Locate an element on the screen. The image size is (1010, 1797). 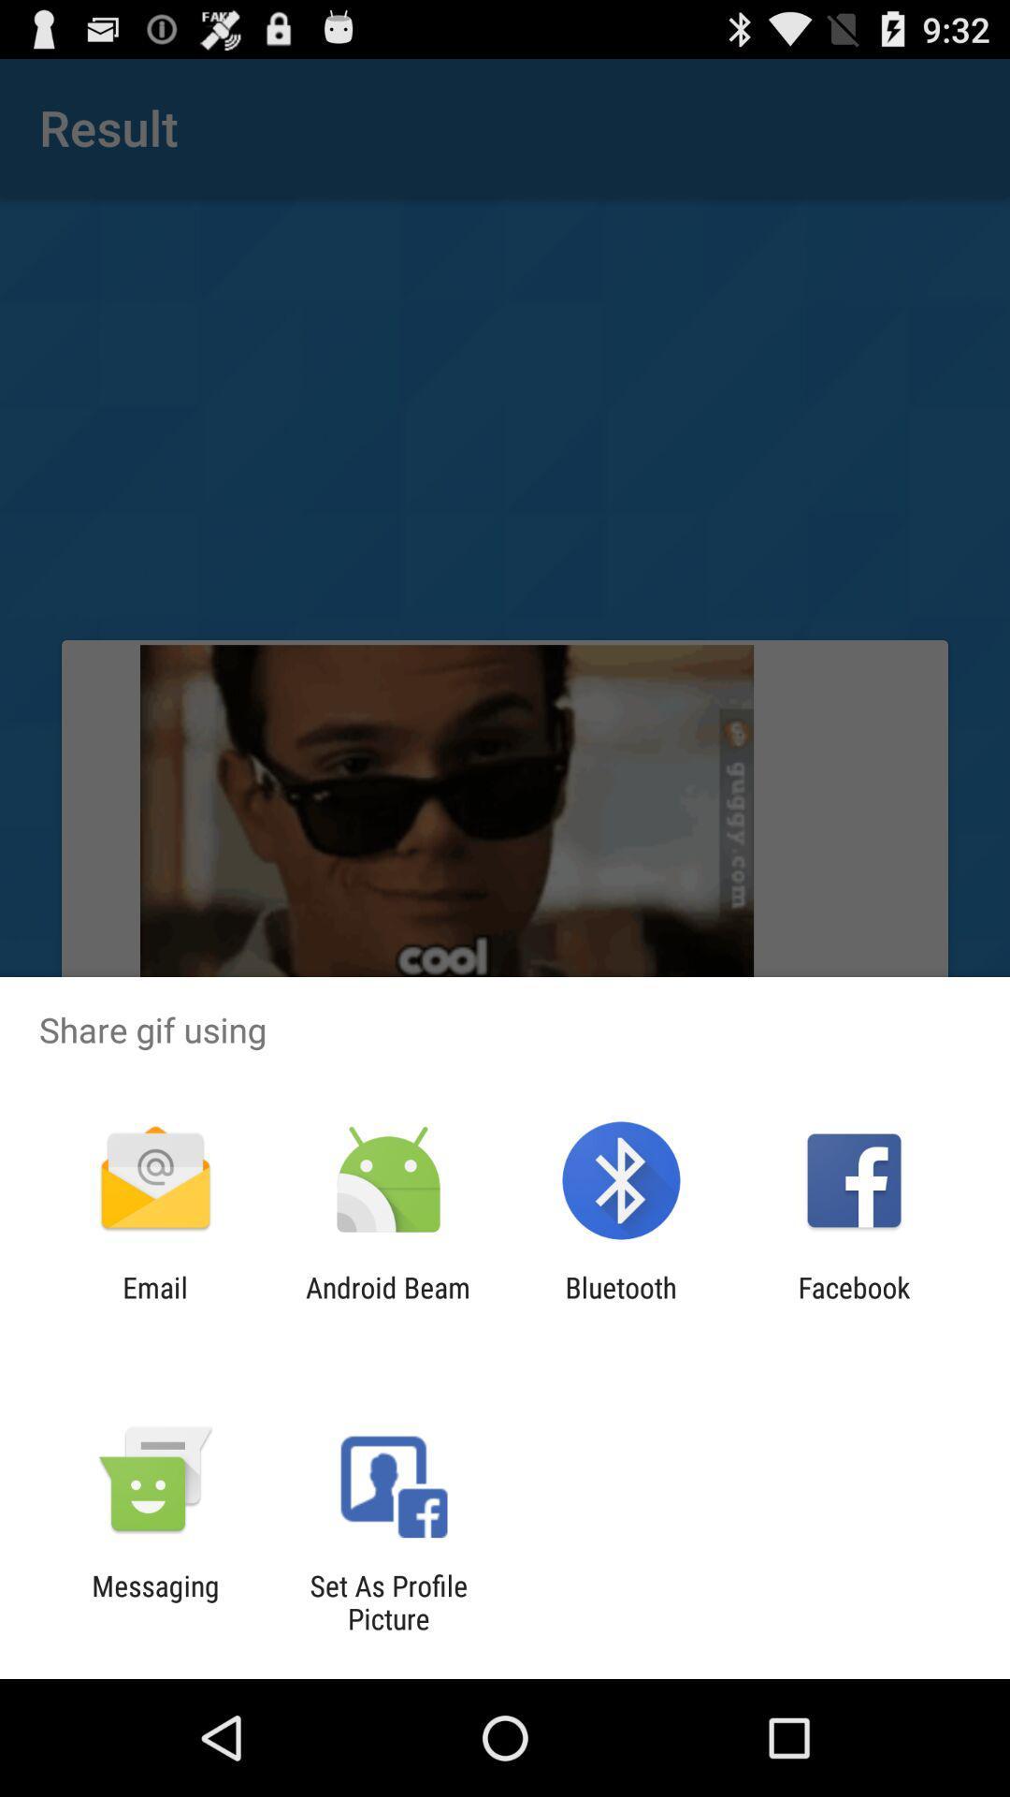
icon next to the bluetooth is located at coordinates (854, 1303).